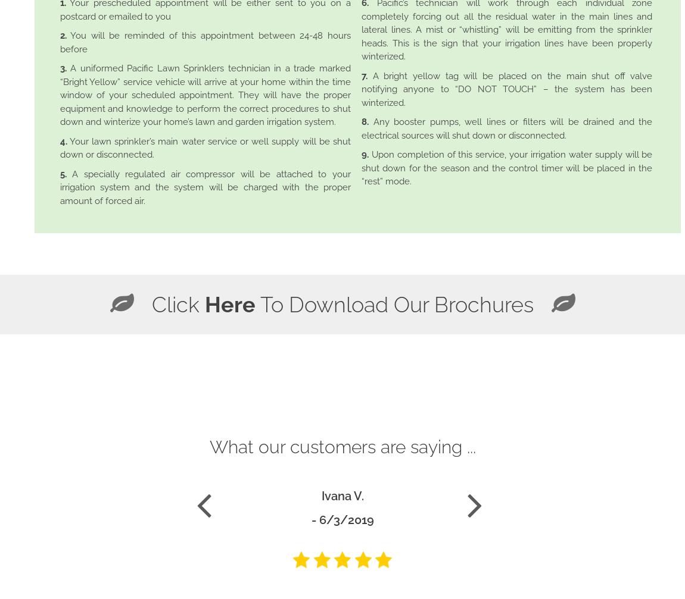 Image resolution: width=685 pixels, height=599 pixels. Describe the element at coordinates (364, 122) in the screenshot. I see `'8.'` at that location.